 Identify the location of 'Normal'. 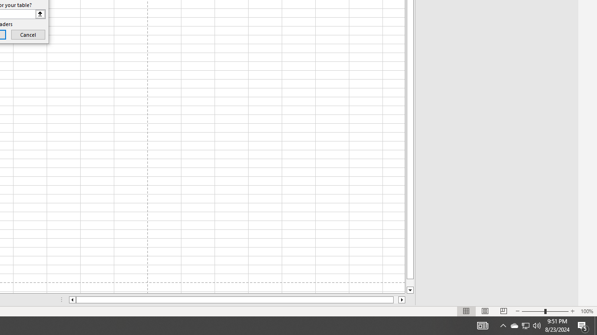
(466, 311).